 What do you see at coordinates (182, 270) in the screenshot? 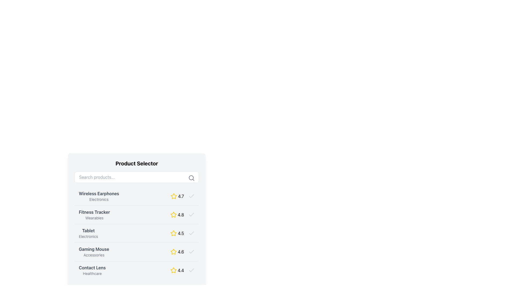
I see `the rating display element that shows a yellow star icon followed by the text '4.4' and includes a gray checkmark, located at the bottom of the 'Contact Lens Healthcare' card` at bounding box center [182, 270].